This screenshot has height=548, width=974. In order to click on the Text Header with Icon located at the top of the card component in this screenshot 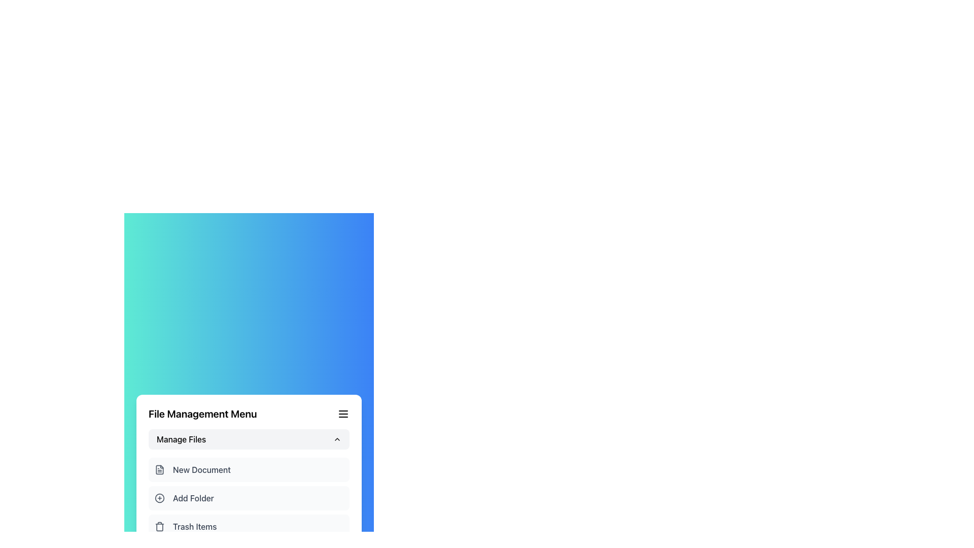, I will do `click(249, 414)`.